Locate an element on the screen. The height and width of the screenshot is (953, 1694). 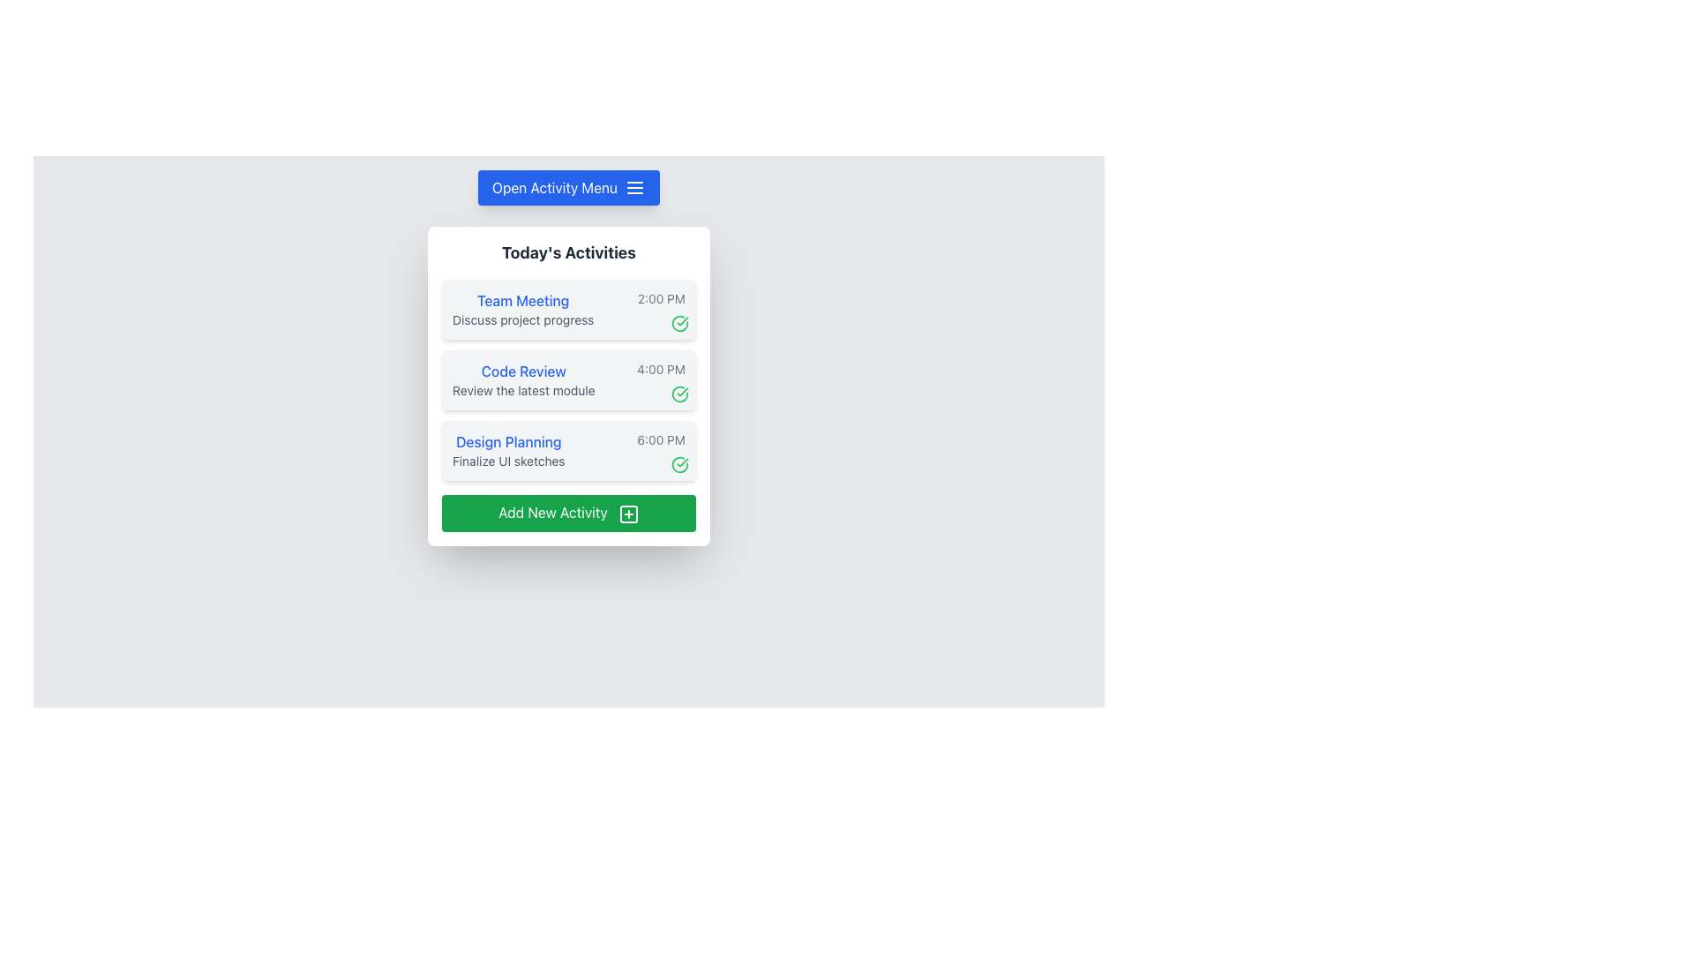
the multi-line display text element that shows 'Design Planning' and 'Finalize UI sketches', which is the third item in the 'Today's Activities' list is located at coordinates (507, 449).